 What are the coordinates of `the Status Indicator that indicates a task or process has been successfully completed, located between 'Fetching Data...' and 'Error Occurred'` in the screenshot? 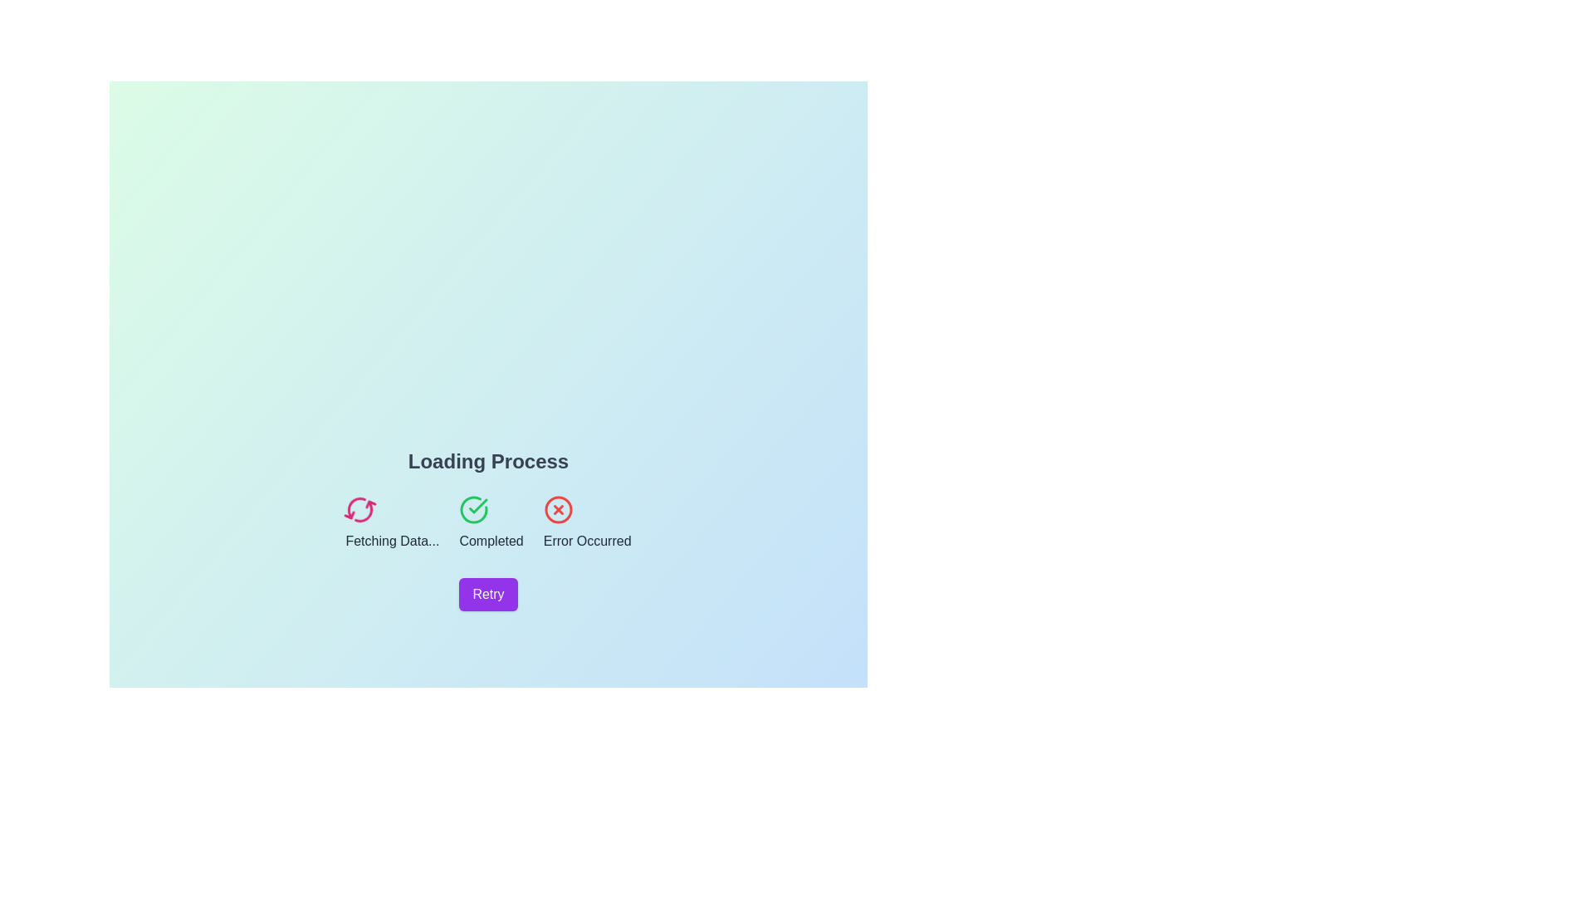 It's located at (491, 522).